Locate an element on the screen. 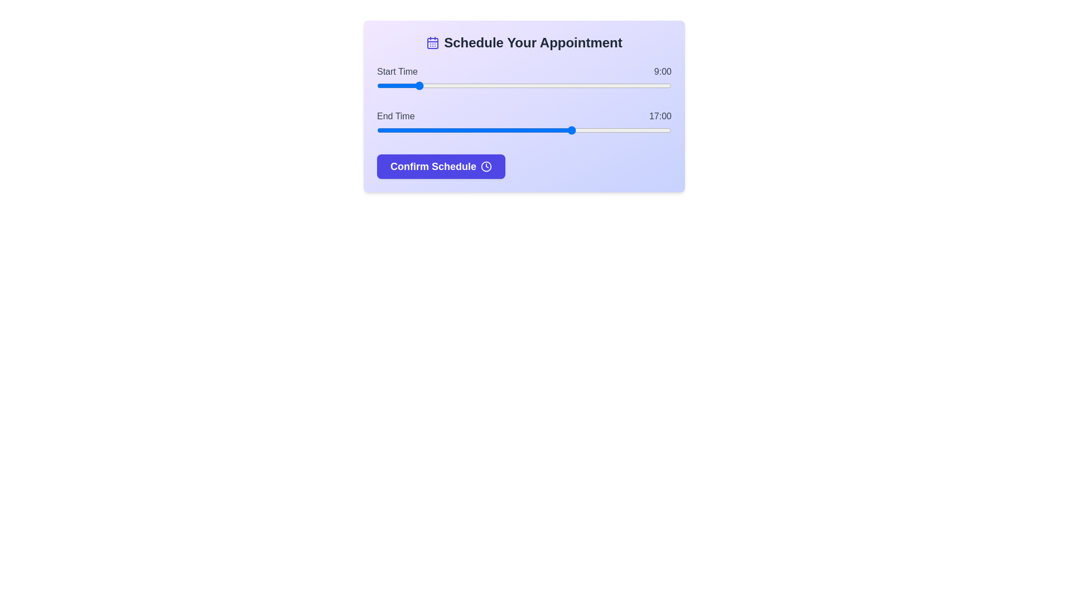 This screenshot has width=1071, height=602. the end time slider to 21 hours is located at coordinates (652, 130).